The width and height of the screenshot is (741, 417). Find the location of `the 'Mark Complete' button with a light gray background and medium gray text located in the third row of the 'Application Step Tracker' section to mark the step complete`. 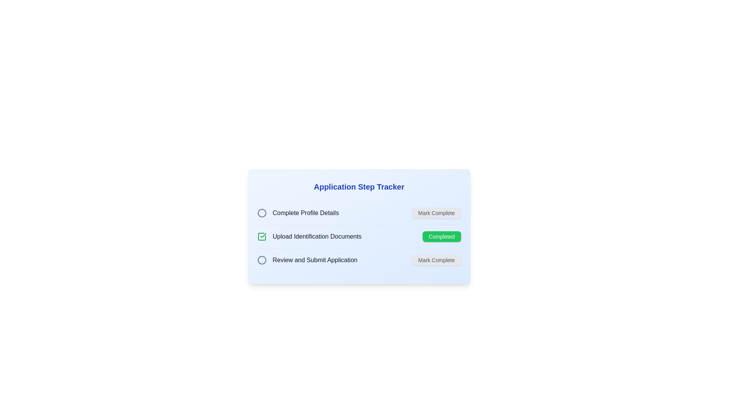

the 'Mark Complete' button with a light gray background and medium gray text located in the third row of the 'Application Step Tracker' section to mark the step complete is located at coordinates (436, 260).